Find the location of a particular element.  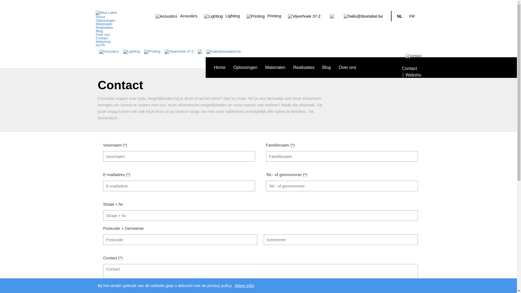

'NL' is located at coordinates (400, 16).